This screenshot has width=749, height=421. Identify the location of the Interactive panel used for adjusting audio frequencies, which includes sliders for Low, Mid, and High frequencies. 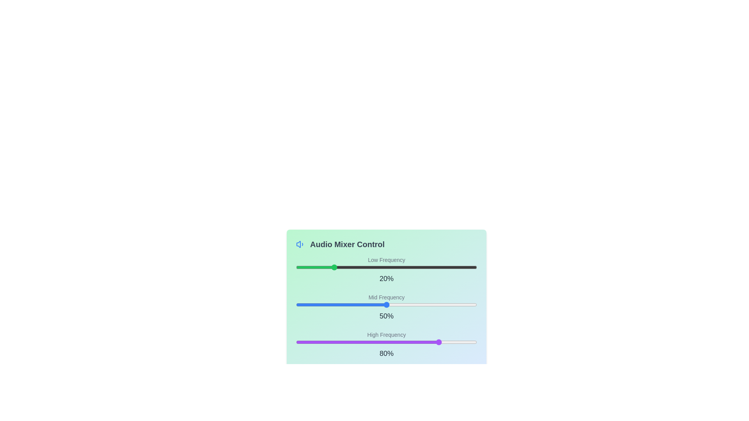
(386, 299).